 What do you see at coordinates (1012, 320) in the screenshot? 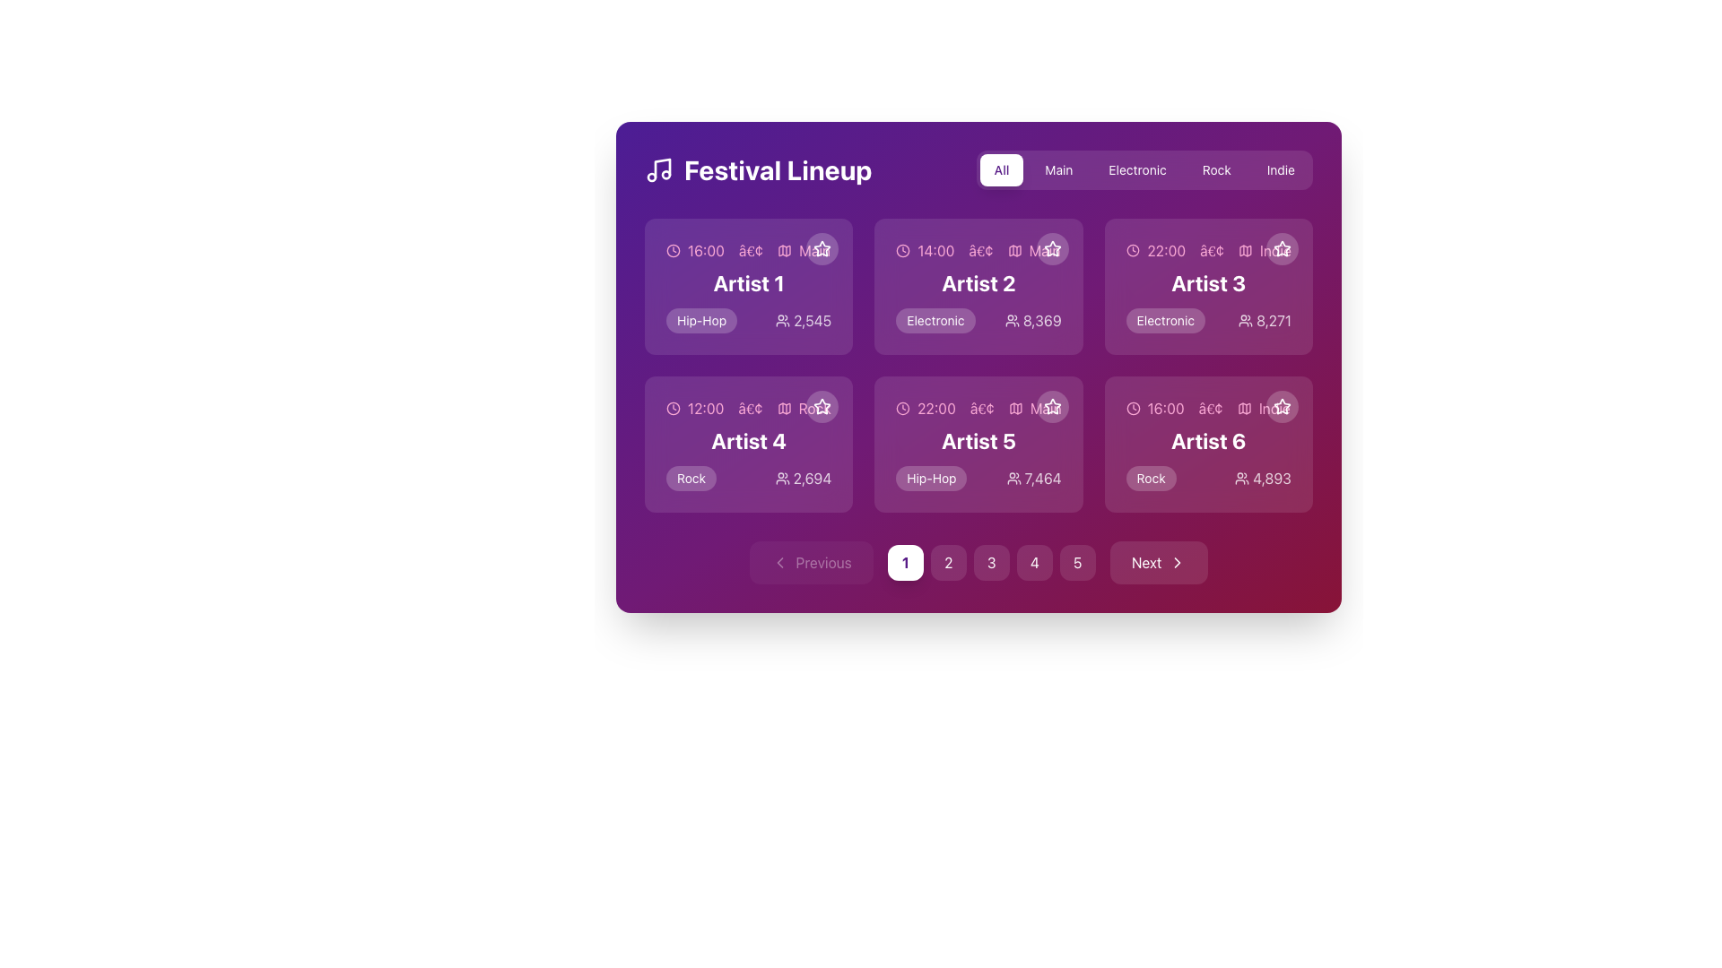
I see `the small icon resembling a group of people, which is located to the left of the numeric value '8,369' in the second card of the top row of the grid layout` at bounding box center [1012, 320].